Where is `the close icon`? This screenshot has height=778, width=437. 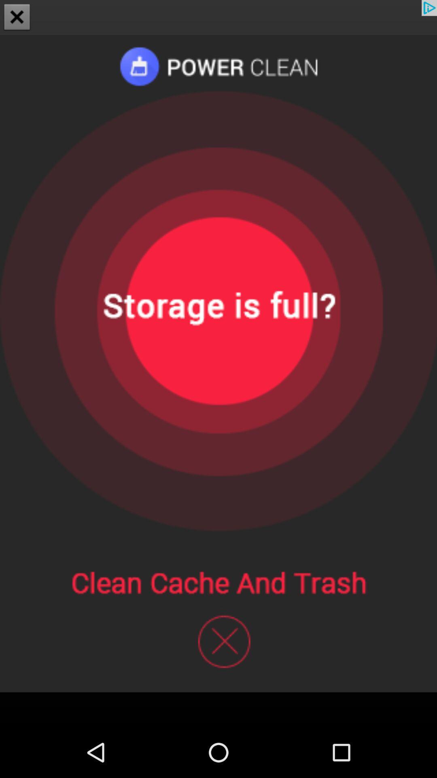 the close icon is located at coordinates (17, 18).